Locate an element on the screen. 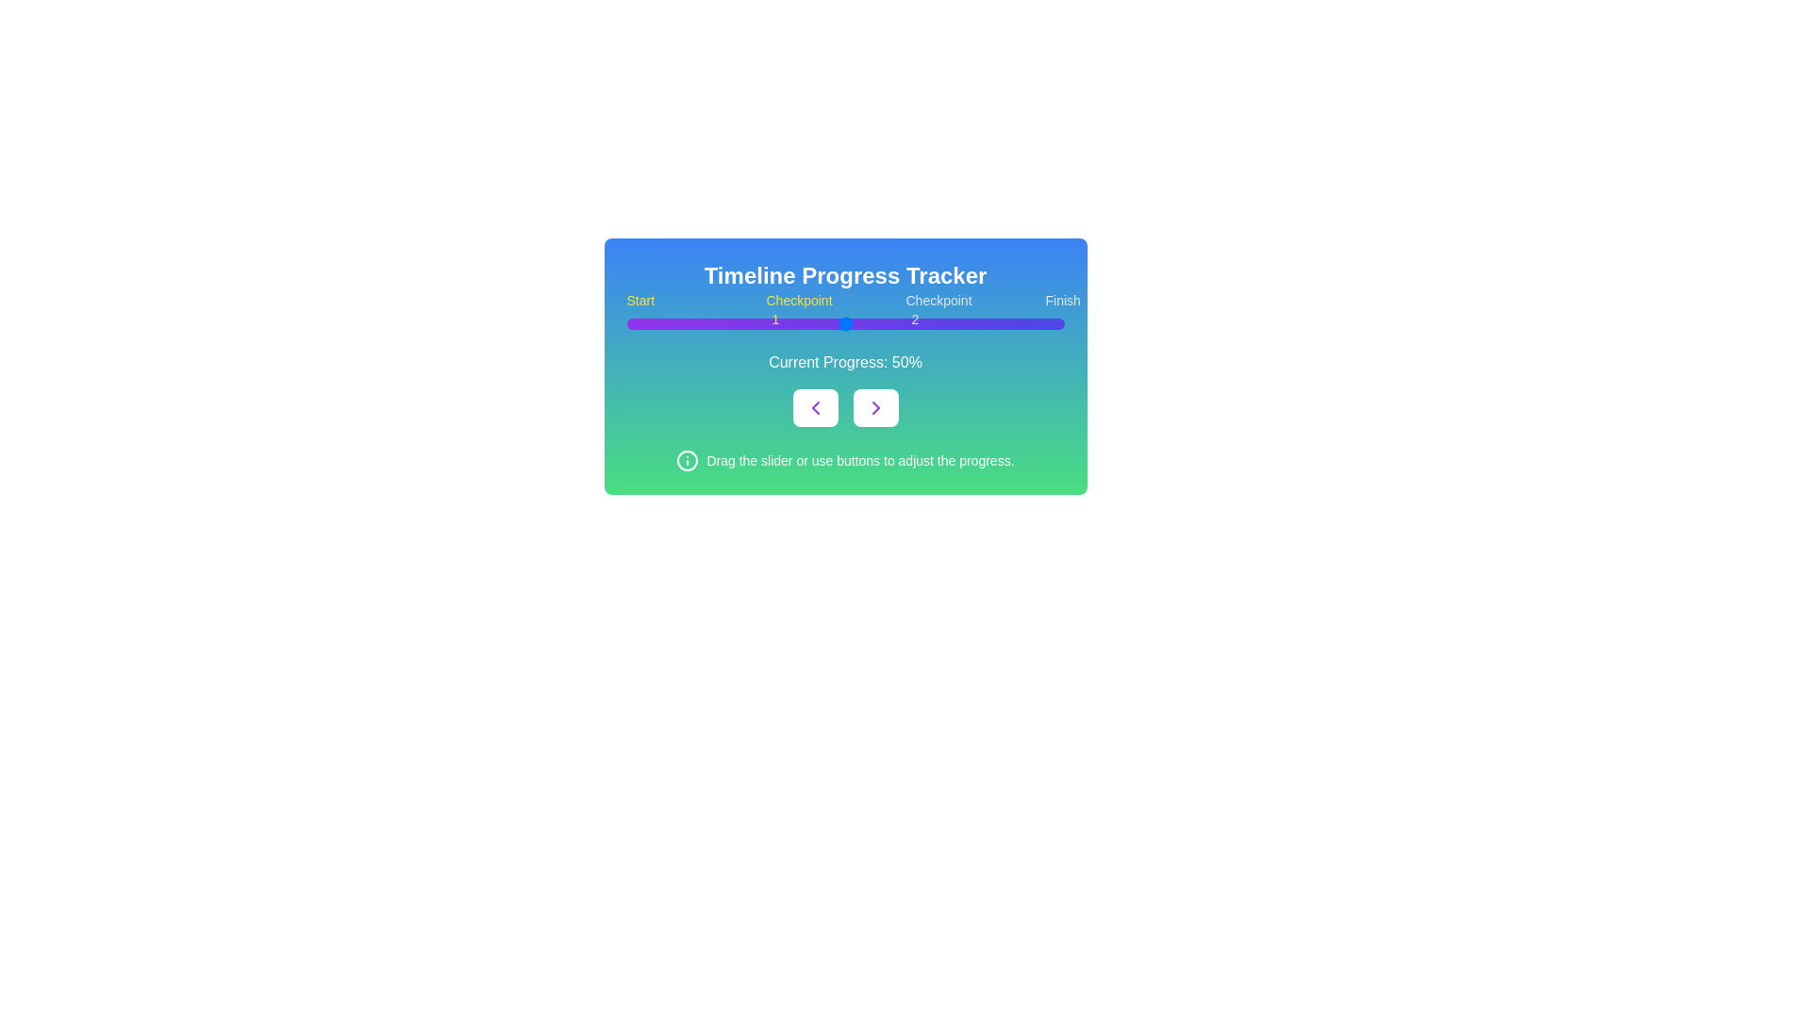  the SVG Circle that serves as a decorative or structural base within the icon located in the lower-left section of the green-blue gradient panel is located at coordinates (687, 461).